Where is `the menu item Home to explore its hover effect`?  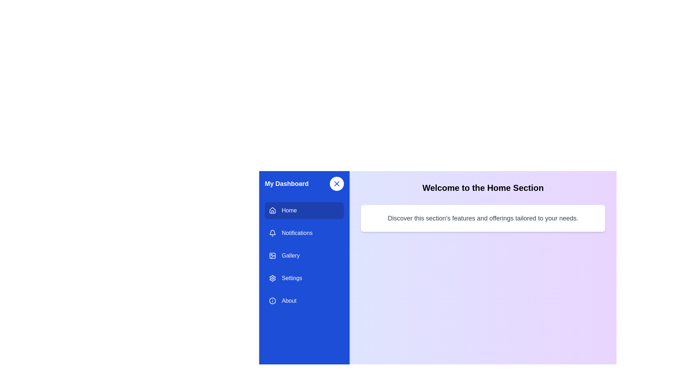 the menu item Home to explore its hover effect is located at coordinates (304, 210).